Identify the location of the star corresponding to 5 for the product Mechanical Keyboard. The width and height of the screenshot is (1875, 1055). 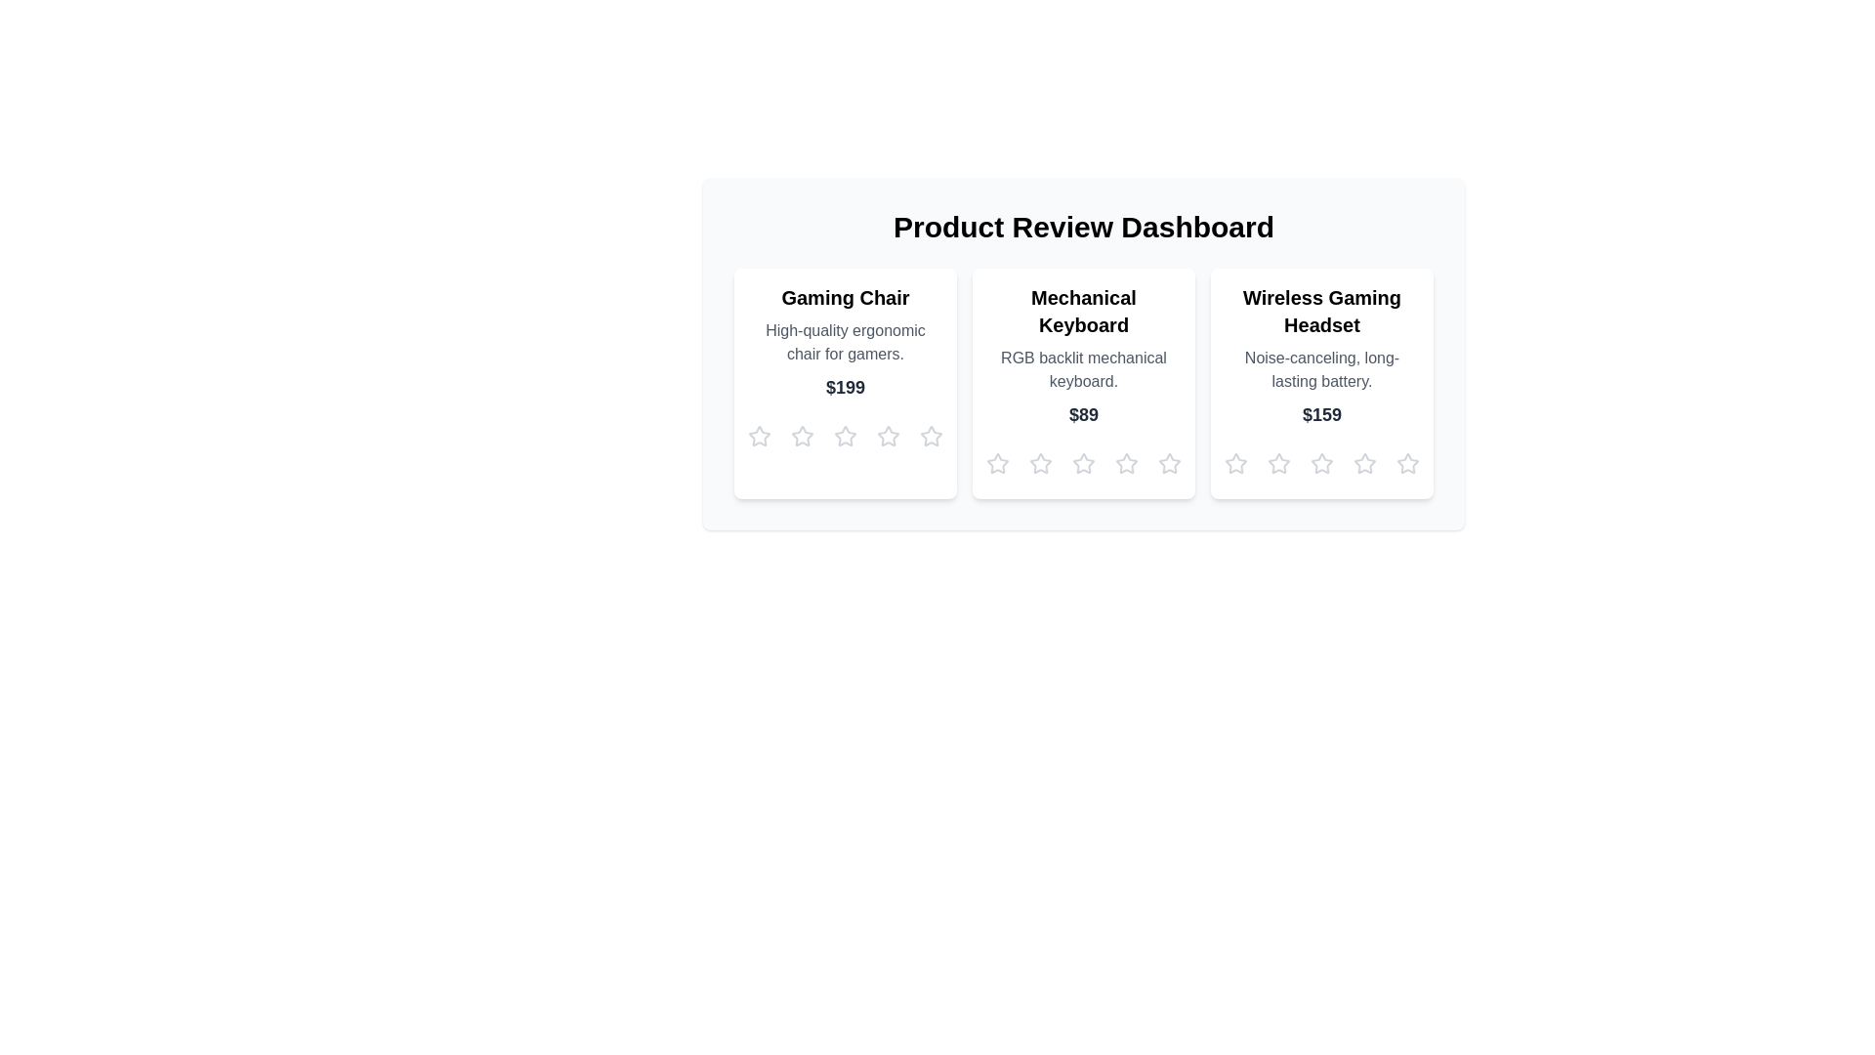
(1170, 463).